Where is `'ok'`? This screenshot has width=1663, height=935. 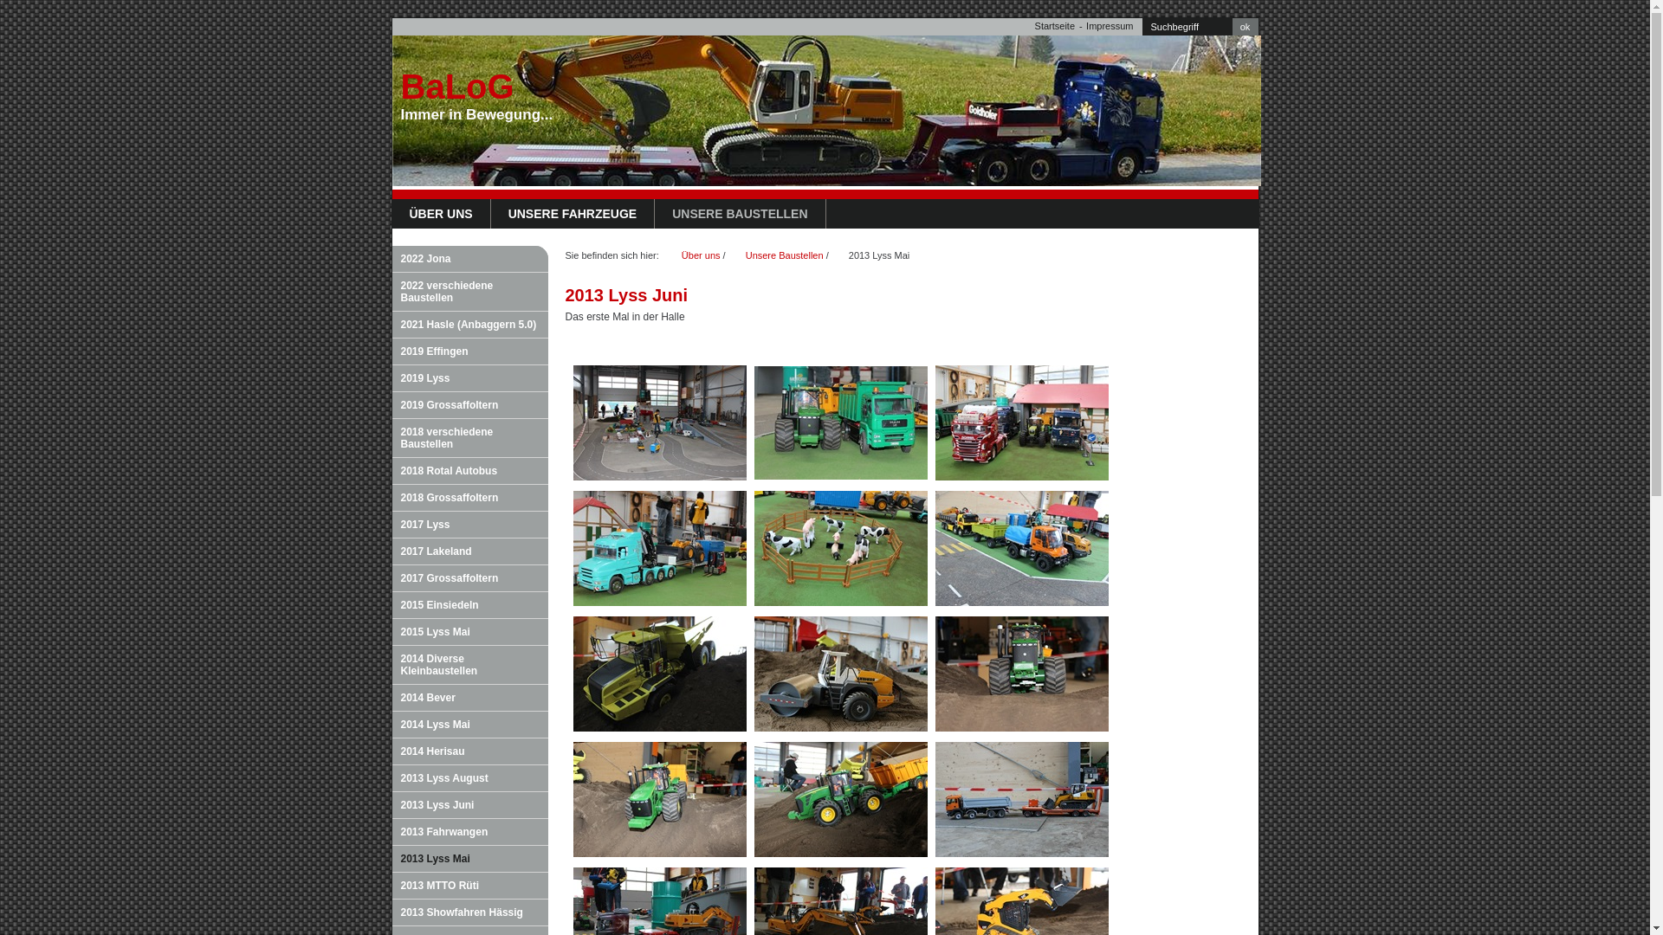
'ok' is located at coordinates (1243, 26).